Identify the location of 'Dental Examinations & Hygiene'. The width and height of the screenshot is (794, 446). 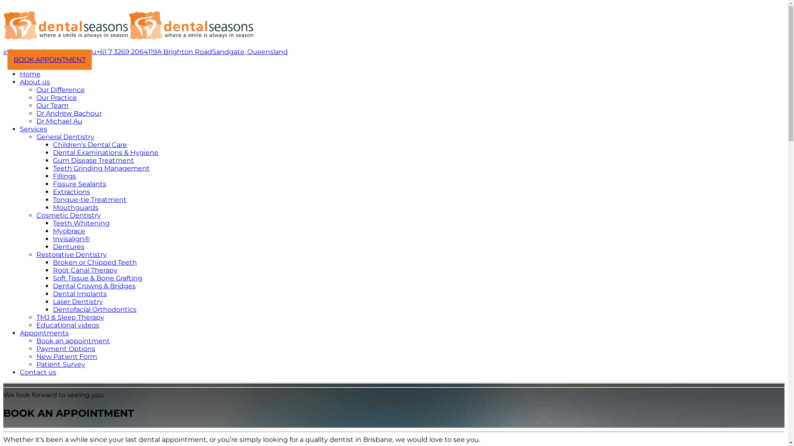
(105, 152).